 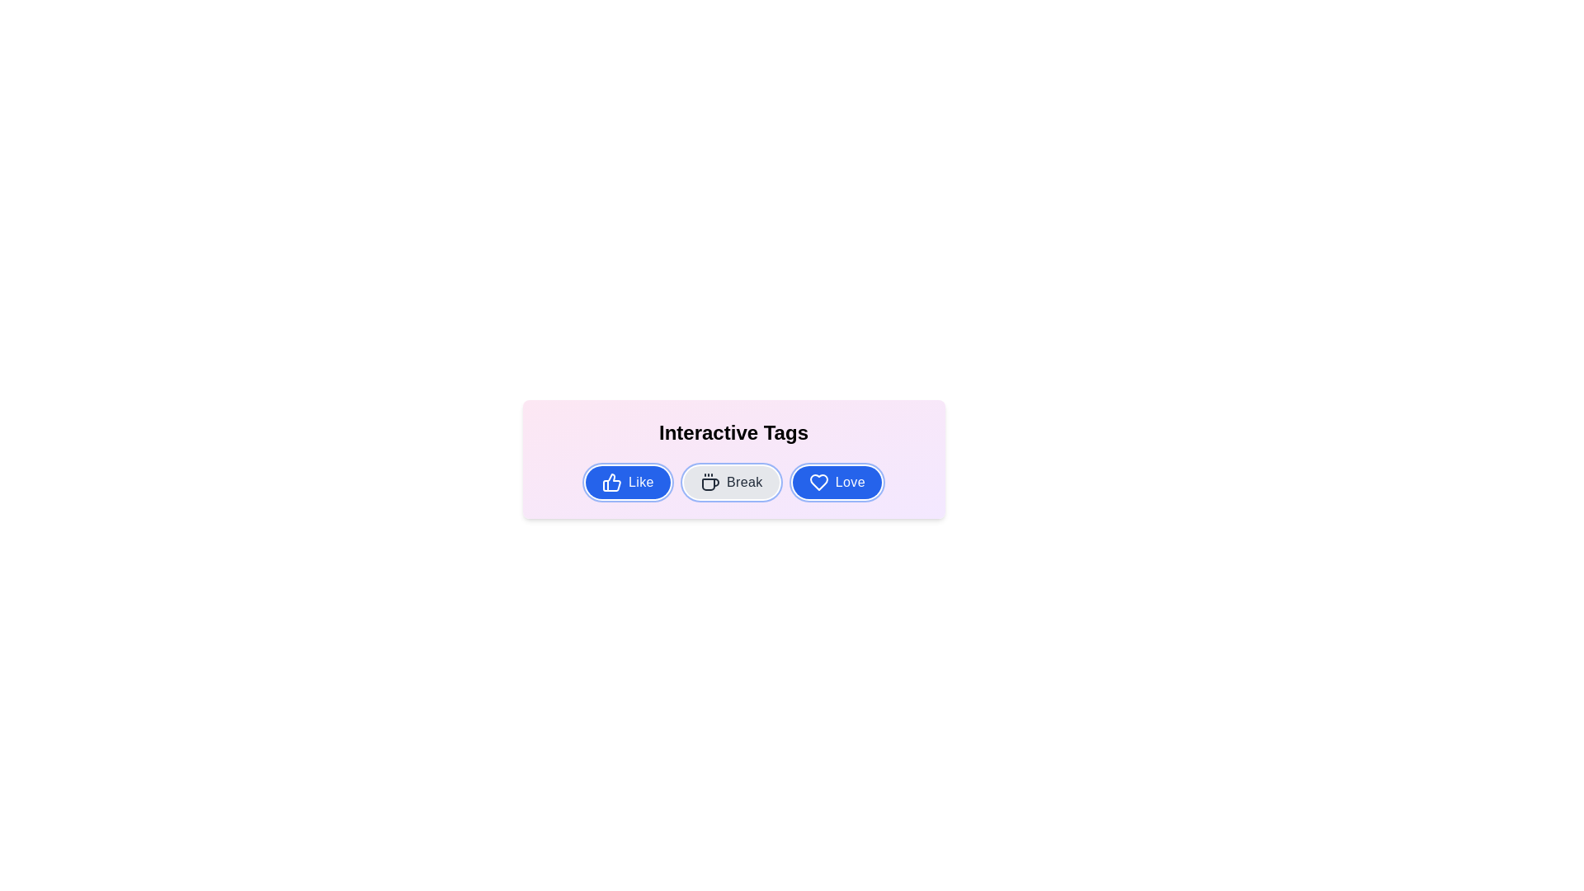 I want to click on the tag Break, so click(x=730, y=483).